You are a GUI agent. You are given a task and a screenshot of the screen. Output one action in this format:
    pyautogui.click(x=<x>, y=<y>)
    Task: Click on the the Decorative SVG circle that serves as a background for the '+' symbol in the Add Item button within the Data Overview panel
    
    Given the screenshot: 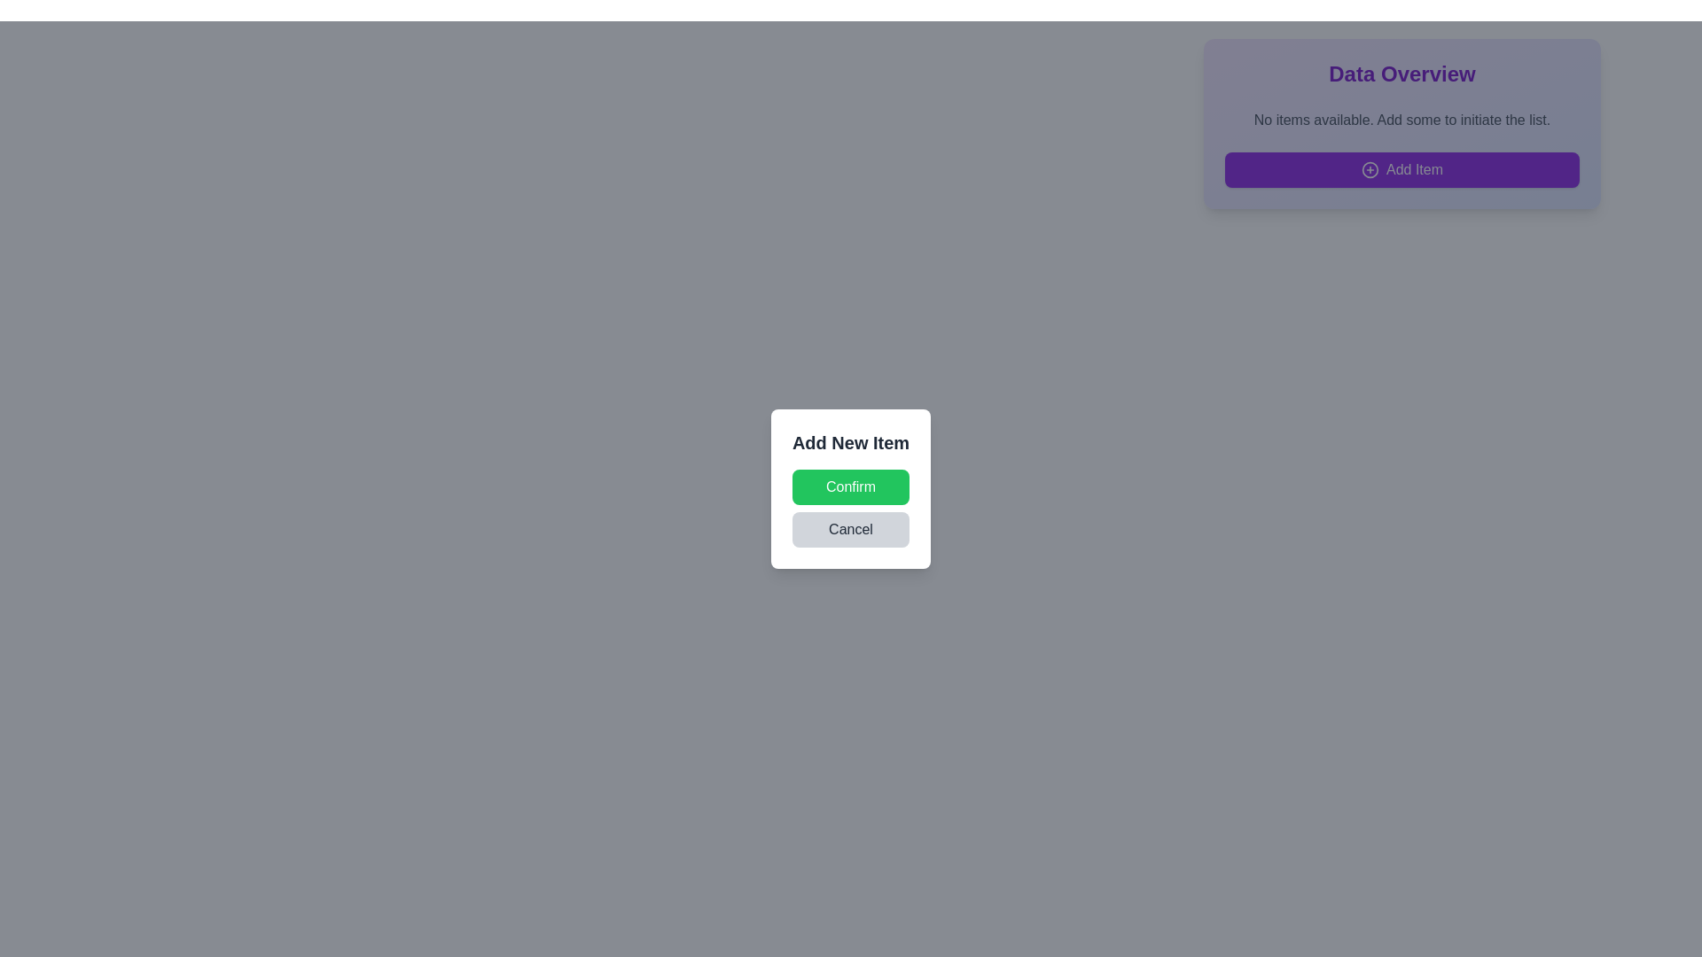 What is the action you would take?
    pyautogui.click(x=1369, y=170)
    